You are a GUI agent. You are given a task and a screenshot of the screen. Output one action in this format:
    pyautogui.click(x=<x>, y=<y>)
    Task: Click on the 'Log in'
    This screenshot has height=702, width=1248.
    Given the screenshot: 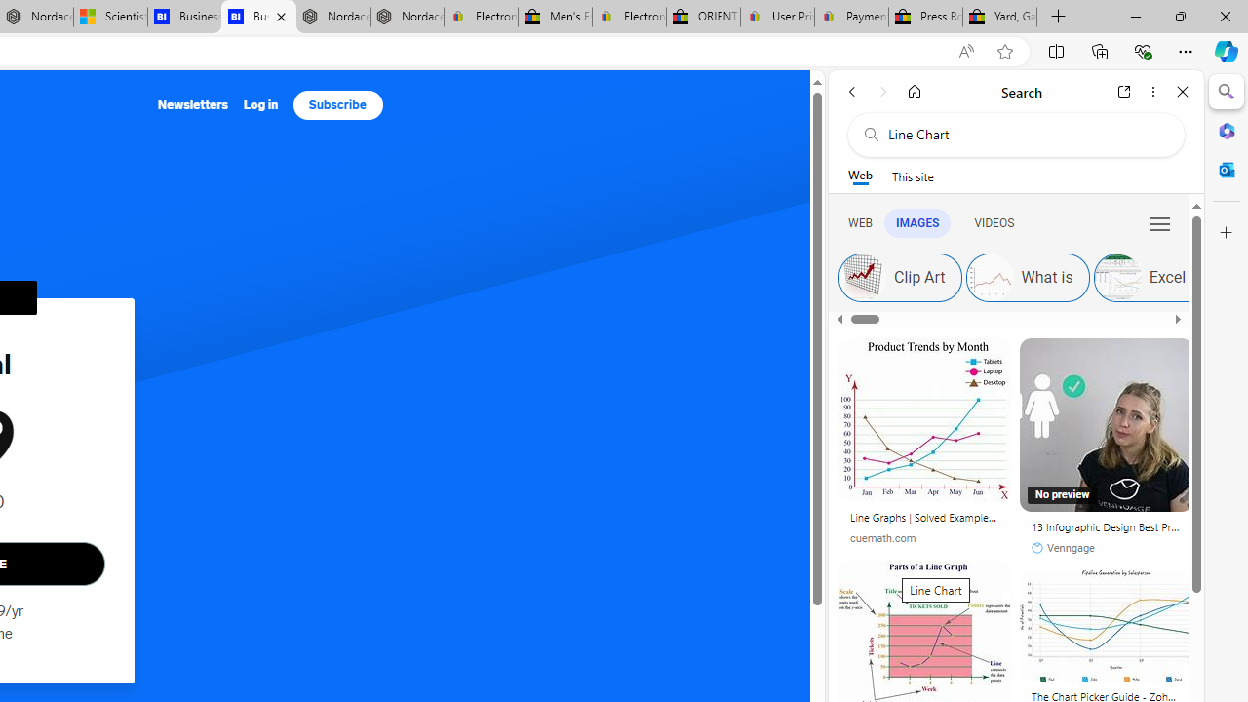 What is the action you would take?
    pyautogui.click(x=259, y=105)
    